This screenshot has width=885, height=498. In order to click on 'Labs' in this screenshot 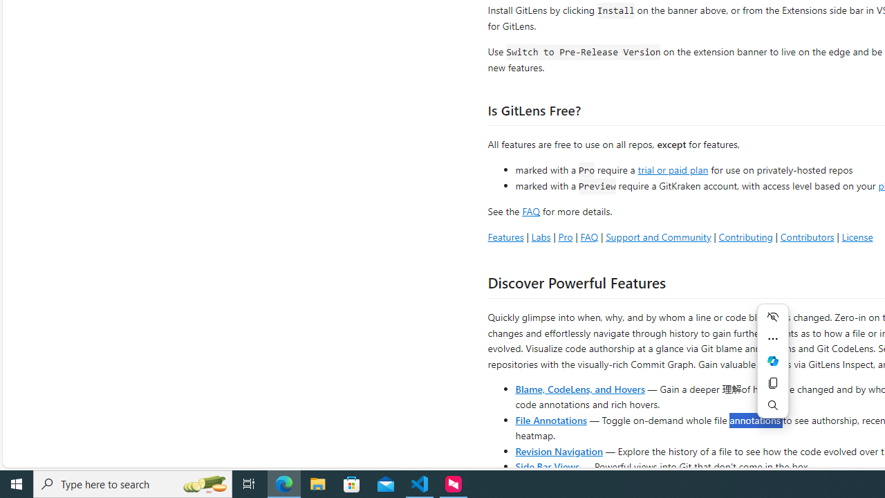, I will do `click(540, 236)`.